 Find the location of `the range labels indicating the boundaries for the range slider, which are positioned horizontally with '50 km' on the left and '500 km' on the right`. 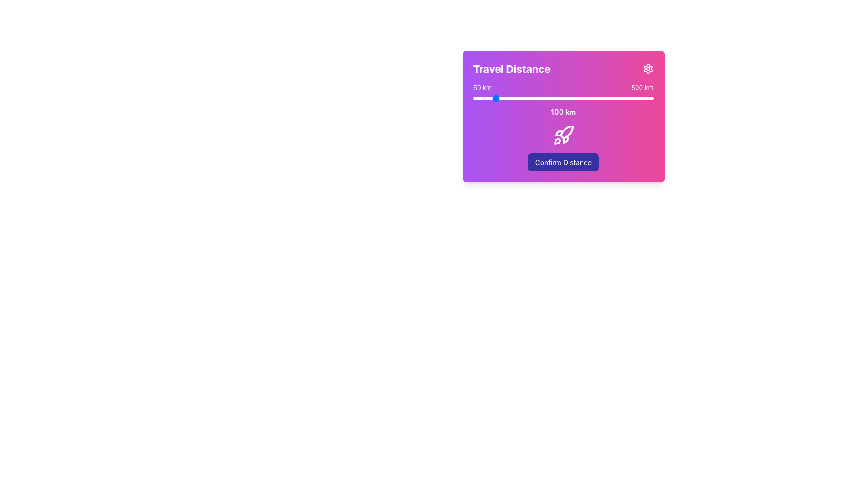

the range labels indicating the boundaries for the range slider, which are positioned horizontally with '50 km' on the left and '500 km' on the right is located at coordinates (563, 88).